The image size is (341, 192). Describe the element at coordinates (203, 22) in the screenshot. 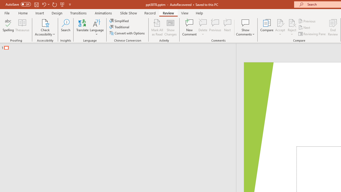

I see `'Delete'` at that location.